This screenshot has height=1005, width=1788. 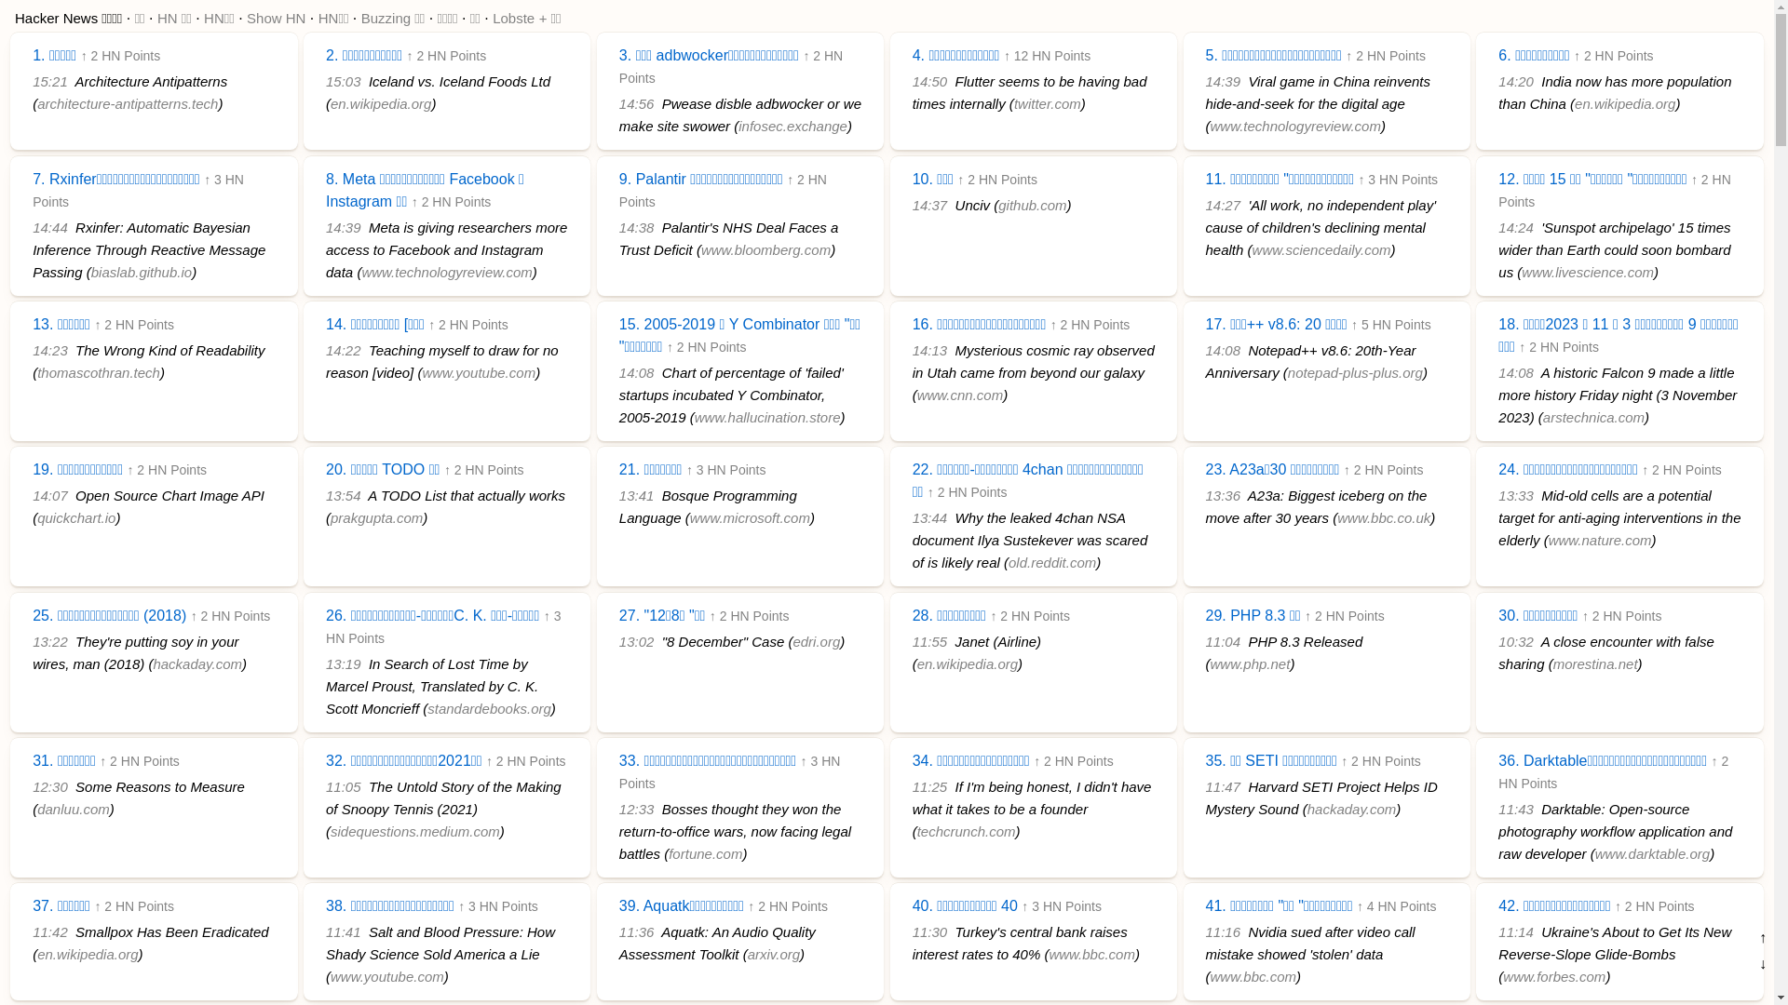 I want to click on '11:14', so click(x=1515, y=931).